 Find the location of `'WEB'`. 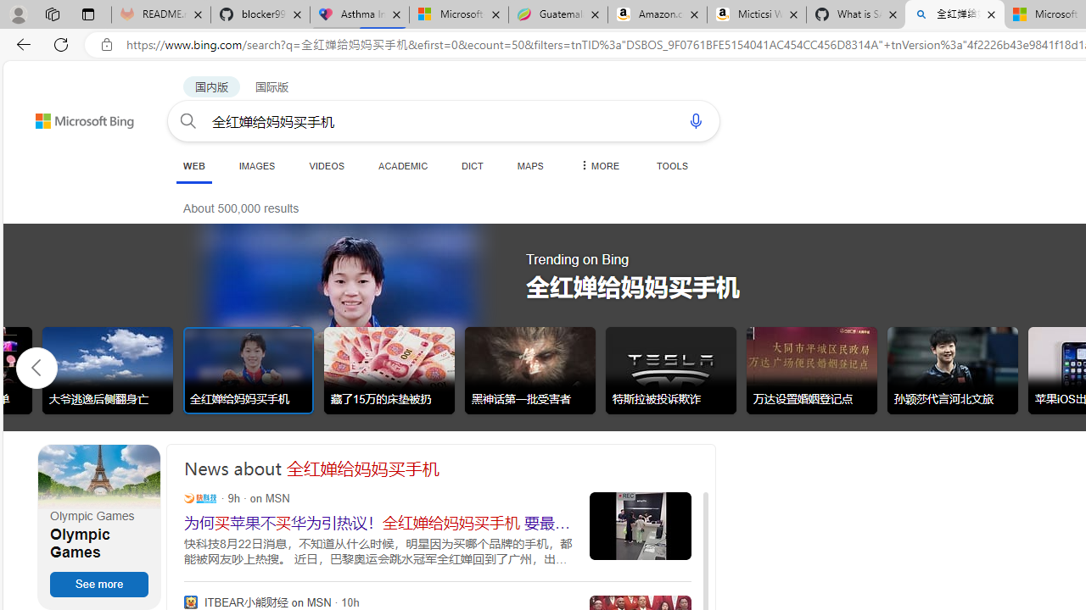

'WEB' is located at coordinates (193, 165).